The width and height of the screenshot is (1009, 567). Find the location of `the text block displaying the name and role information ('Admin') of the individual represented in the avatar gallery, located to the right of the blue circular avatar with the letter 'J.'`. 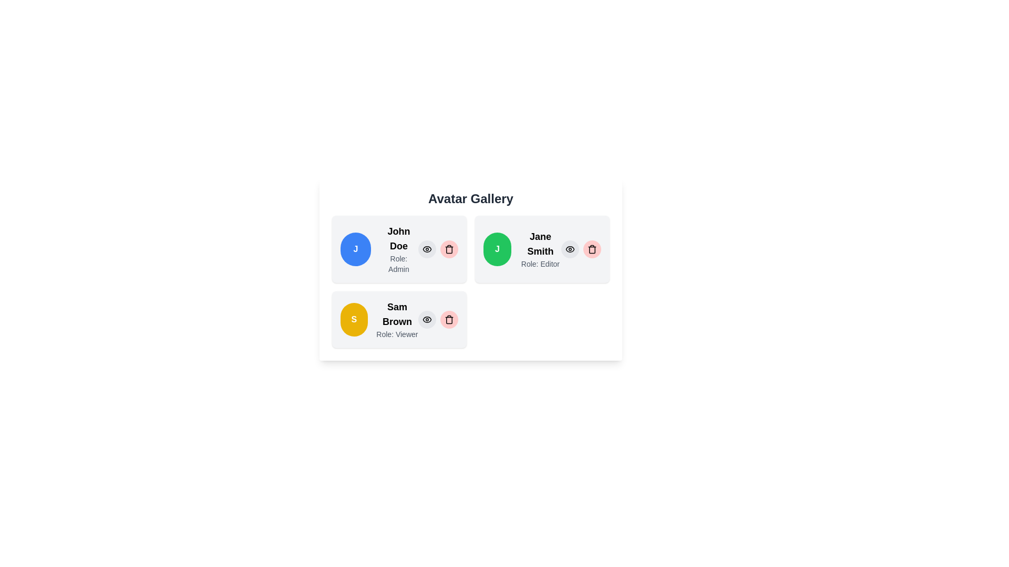

the text block displaying the name and role information ('Admin') of the individual represented in the avatar gallery, located to the right of the blue circular avatar with the letter 'J.' is located at coordinates (398, 249).